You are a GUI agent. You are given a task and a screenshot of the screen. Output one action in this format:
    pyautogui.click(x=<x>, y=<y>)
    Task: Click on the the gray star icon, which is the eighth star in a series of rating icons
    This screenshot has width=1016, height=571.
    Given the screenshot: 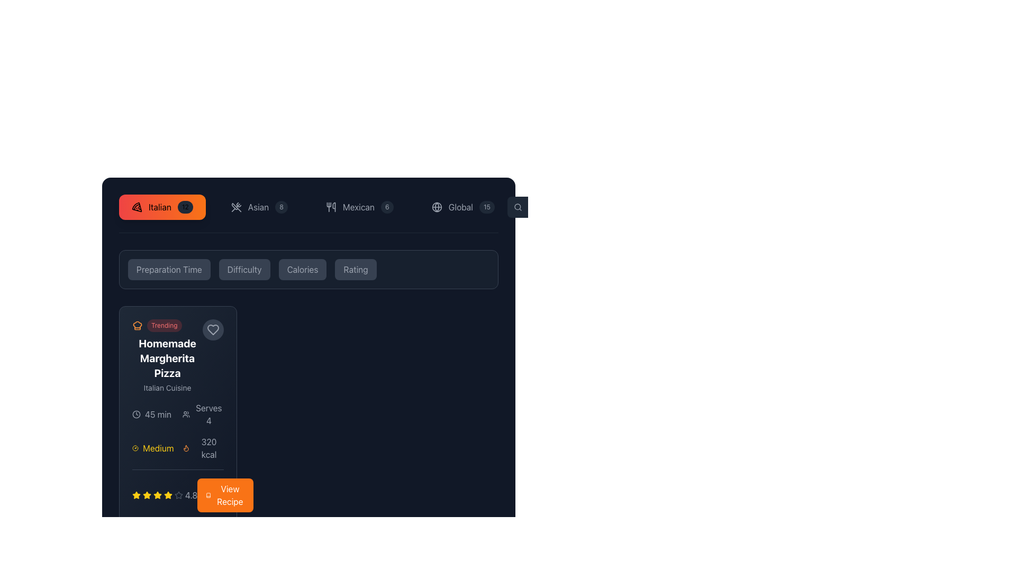 What is the action you would take?
    pyautogui.click(x=178, y=495)
    